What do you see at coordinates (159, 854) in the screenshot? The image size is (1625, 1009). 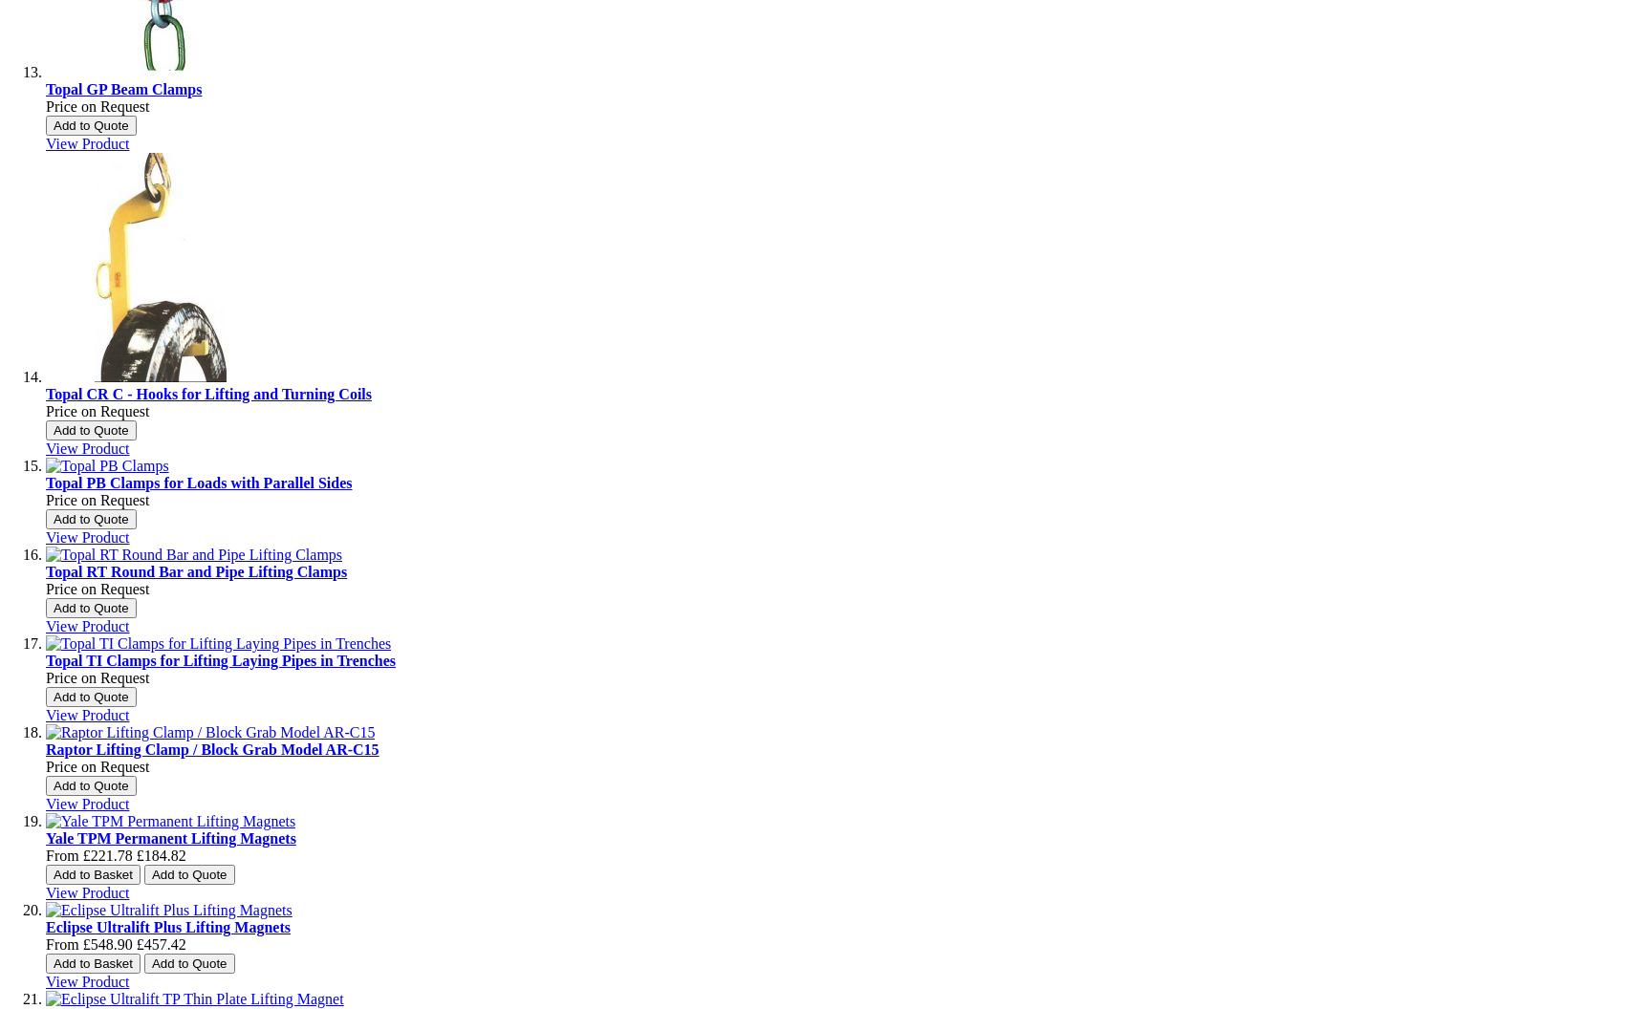 I see `'£184.82'` at bounding box center [159, 854].